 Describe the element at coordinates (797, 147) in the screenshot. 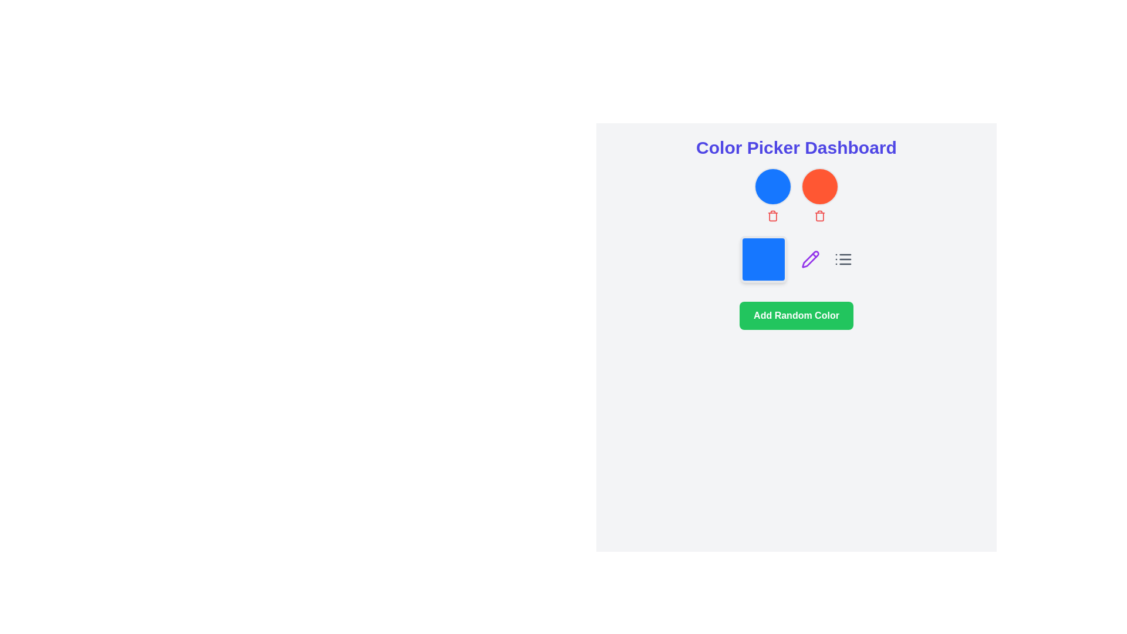

I see `the static text label 'Color Picker Dashboard' which is styled in bold, large blue-indigo font at the top of the interface` at that location.